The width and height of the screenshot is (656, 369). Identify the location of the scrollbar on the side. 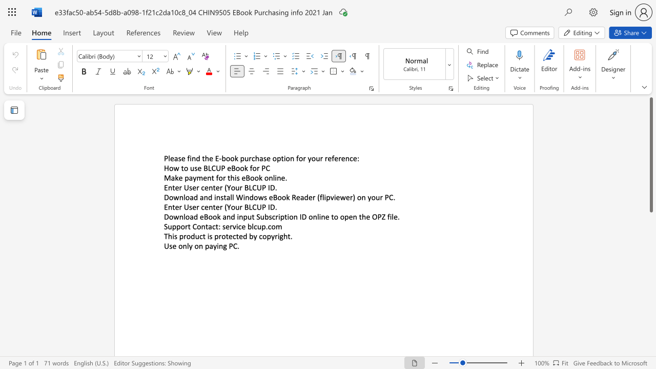
(650, 301).